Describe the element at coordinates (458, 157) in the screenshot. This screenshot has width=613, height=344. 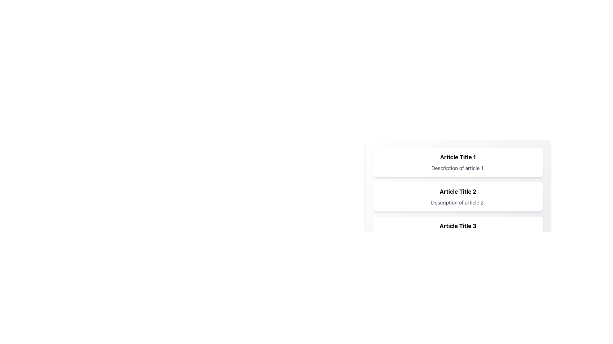
I see `the title text label of the article, which is located at the upper portion of a white rectangular card with rounded corners` at that location.